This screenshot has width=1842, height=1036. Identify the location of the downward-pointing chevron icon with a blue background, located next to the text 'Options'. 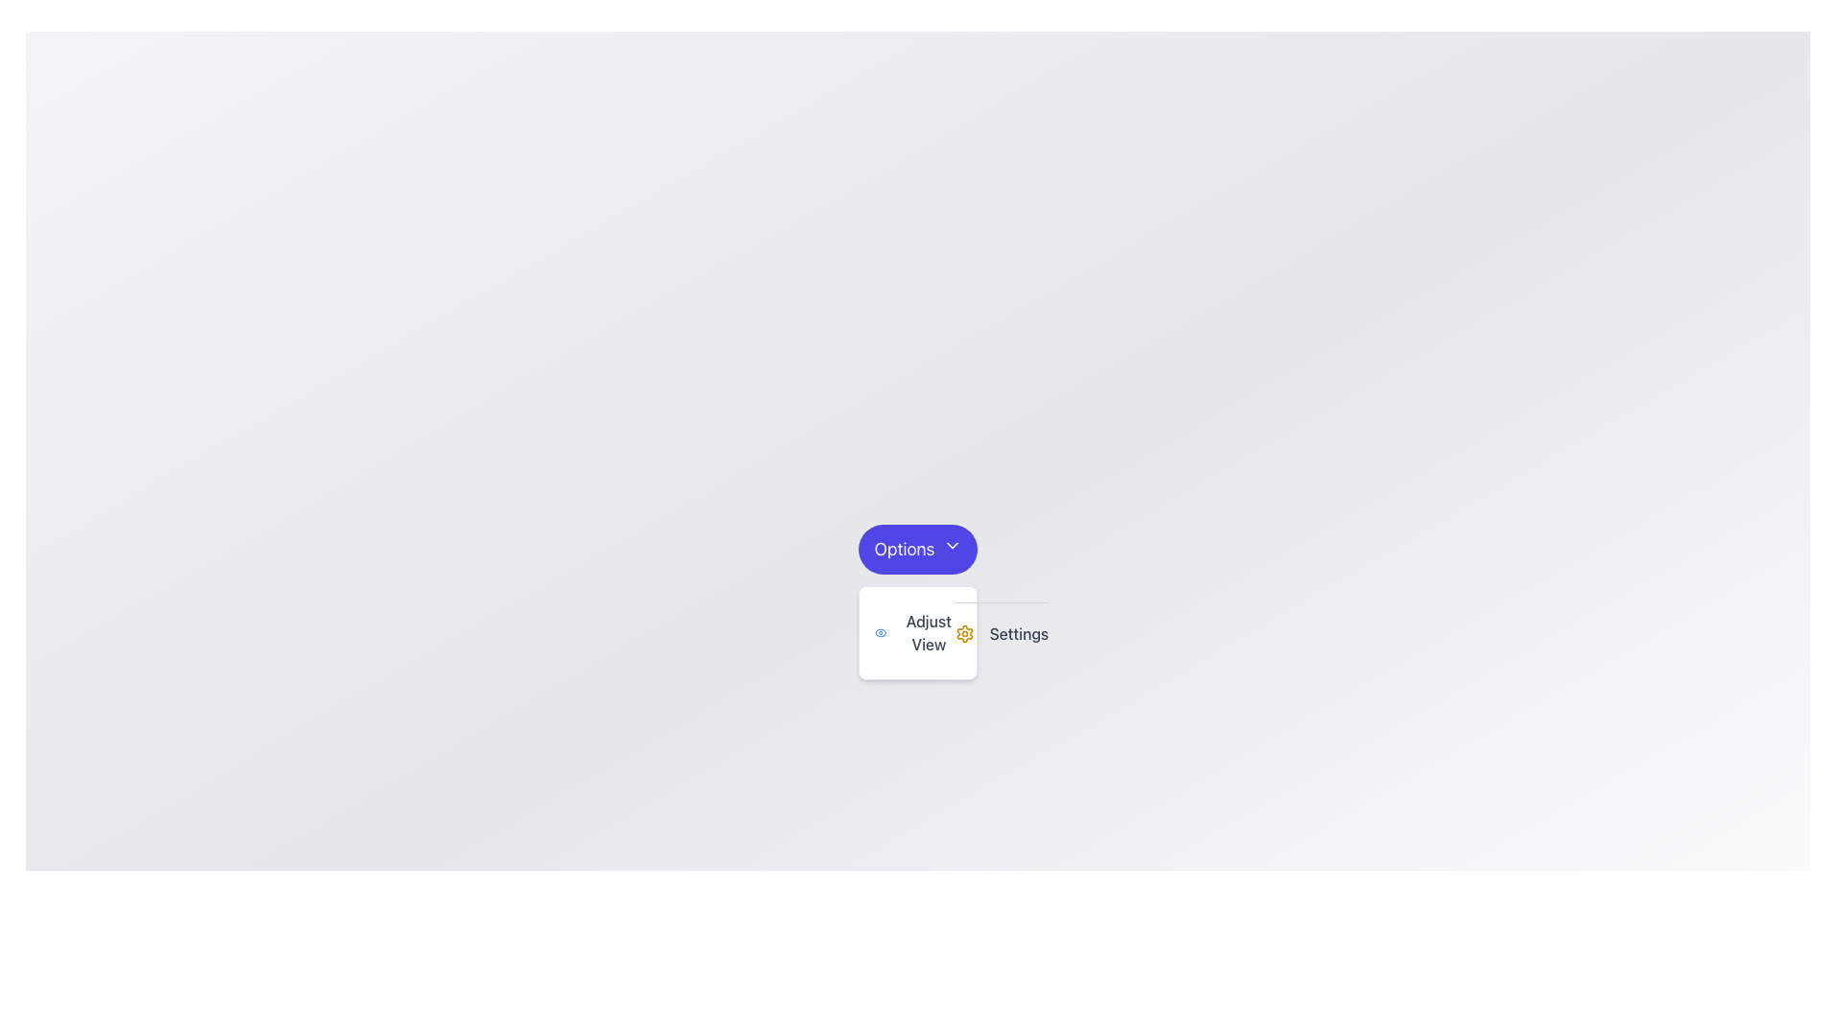
(952, 546).